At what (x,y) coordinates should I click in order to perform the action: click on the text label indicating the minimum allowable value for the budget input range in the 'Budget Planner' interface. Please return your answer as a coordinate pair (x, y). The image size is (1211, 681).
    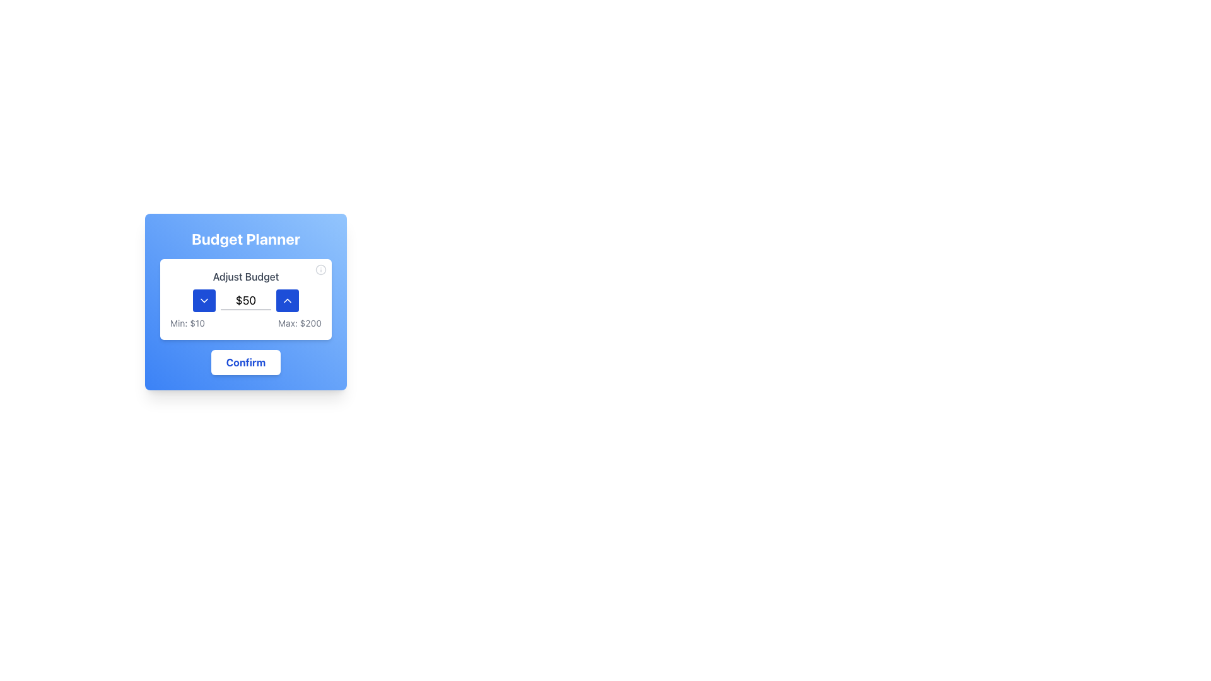
    Looking at the image, I should click on (187, 323).